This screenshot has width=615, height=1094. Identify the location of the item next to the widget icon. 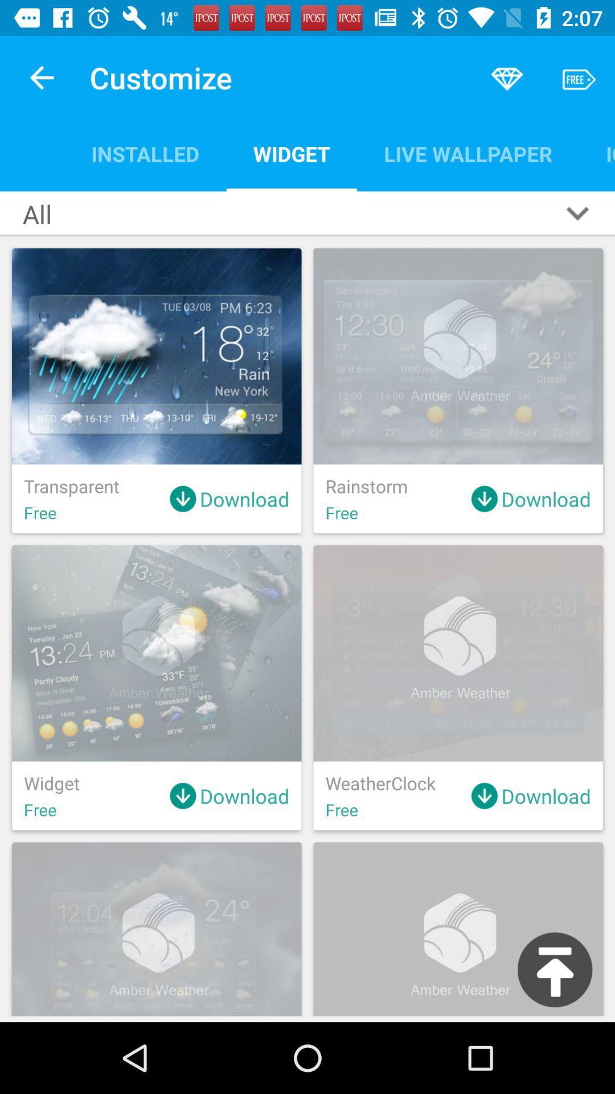
(145, 153).